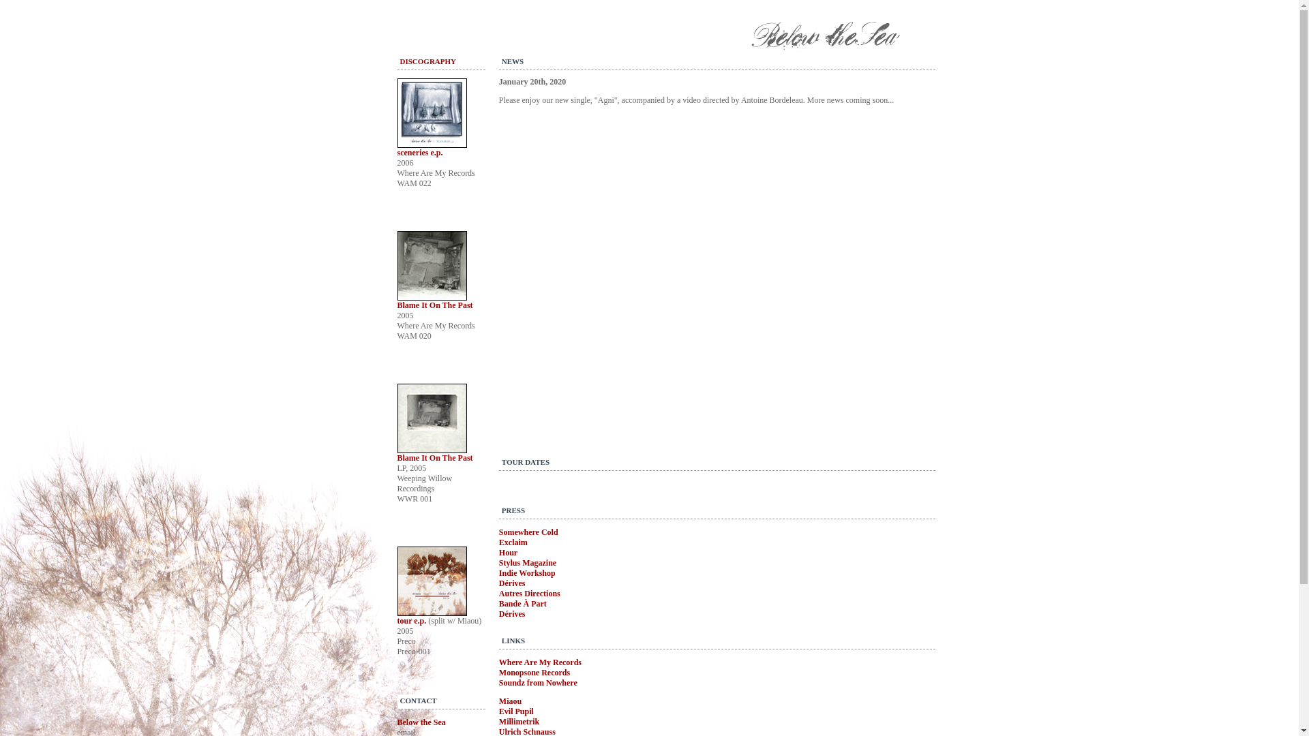 This screenshot has width=1309, height=736. What do you see at coordinates (507, 552) in the screenshot?
I see `'Hour'` at bounding box center [507, 552].